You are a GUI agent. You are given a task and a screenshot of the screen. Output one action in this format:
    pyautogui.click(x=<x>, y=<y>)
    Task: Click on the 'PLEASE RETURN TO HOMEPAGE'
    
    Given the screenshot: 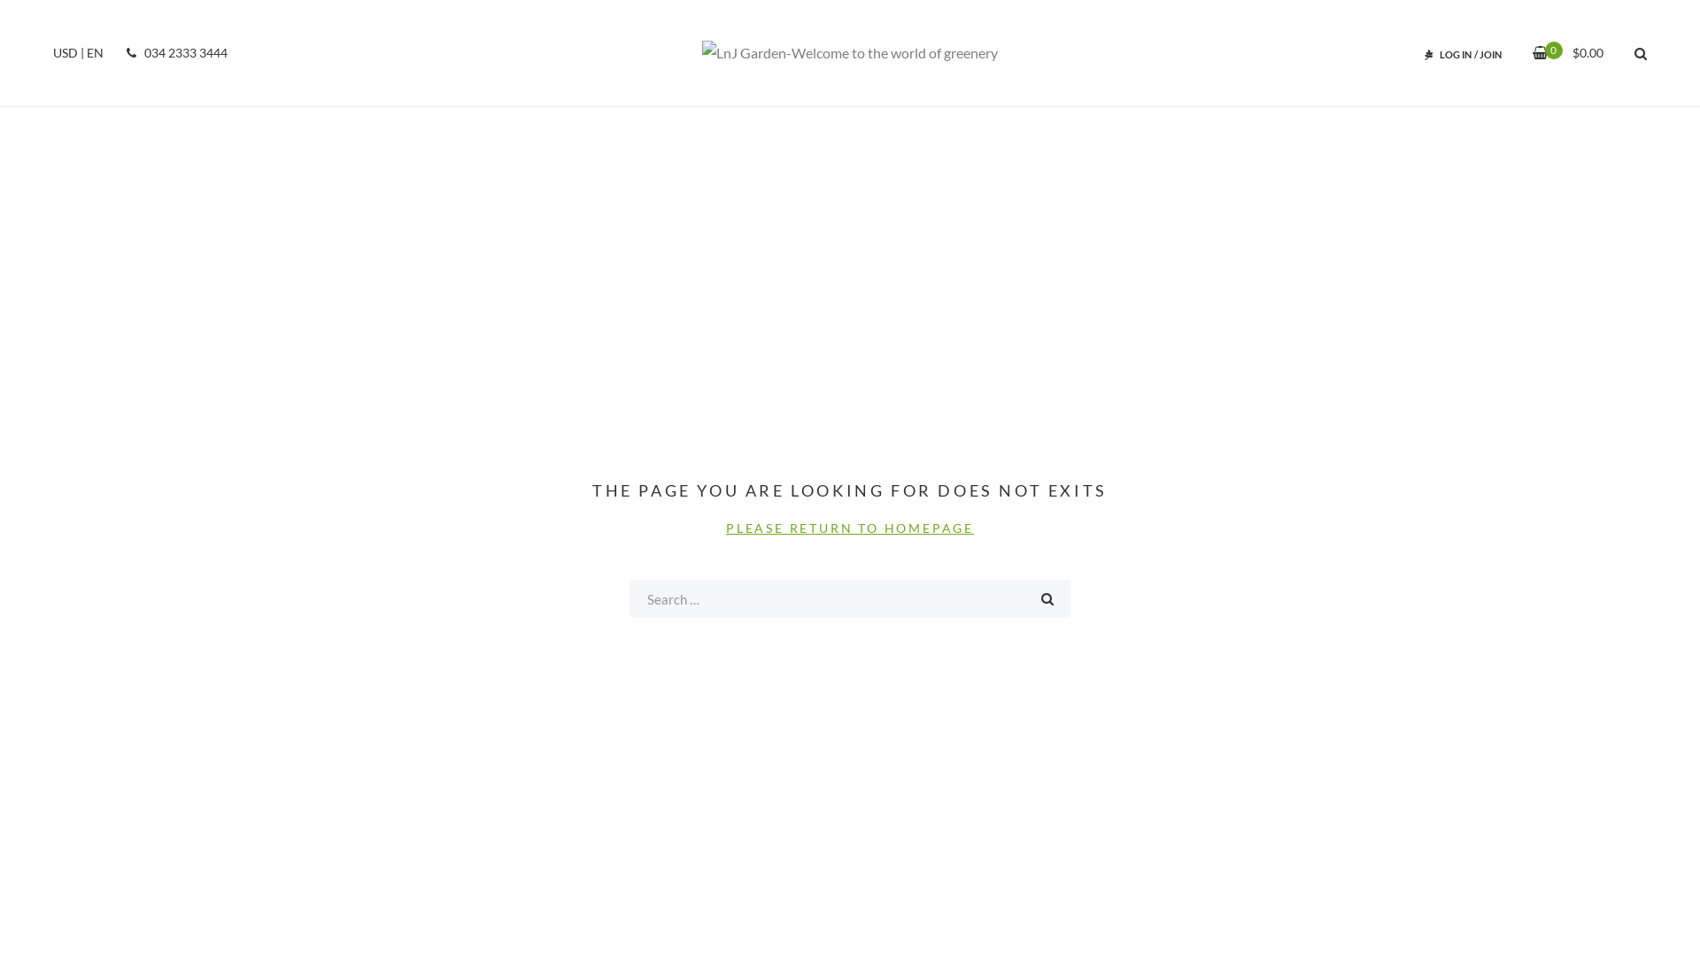 What is the action you would take?
    pyautogui.click(x=850, y=527)
    